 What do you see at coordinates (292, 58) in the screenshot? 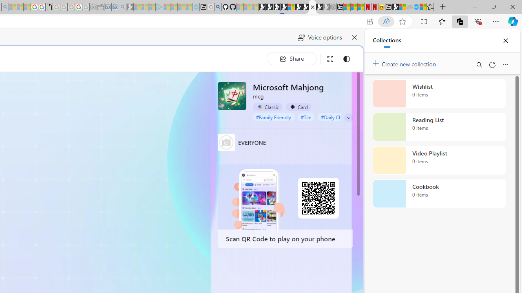
I see `'Share'` at bounding box center [292, 58].